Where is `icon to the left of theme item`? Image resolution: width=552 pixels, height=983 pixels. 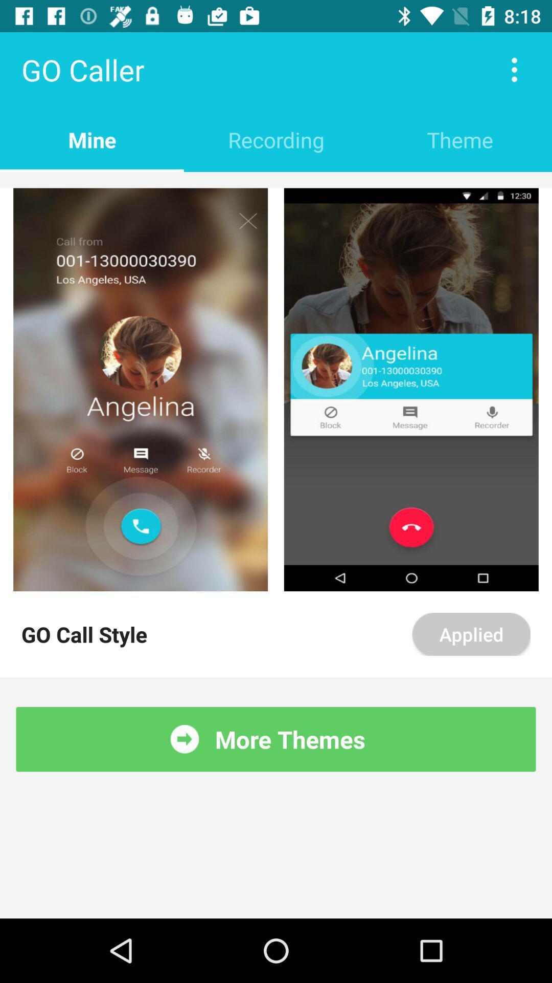
icon to the left of theme item is located at coordinates (276, 139).